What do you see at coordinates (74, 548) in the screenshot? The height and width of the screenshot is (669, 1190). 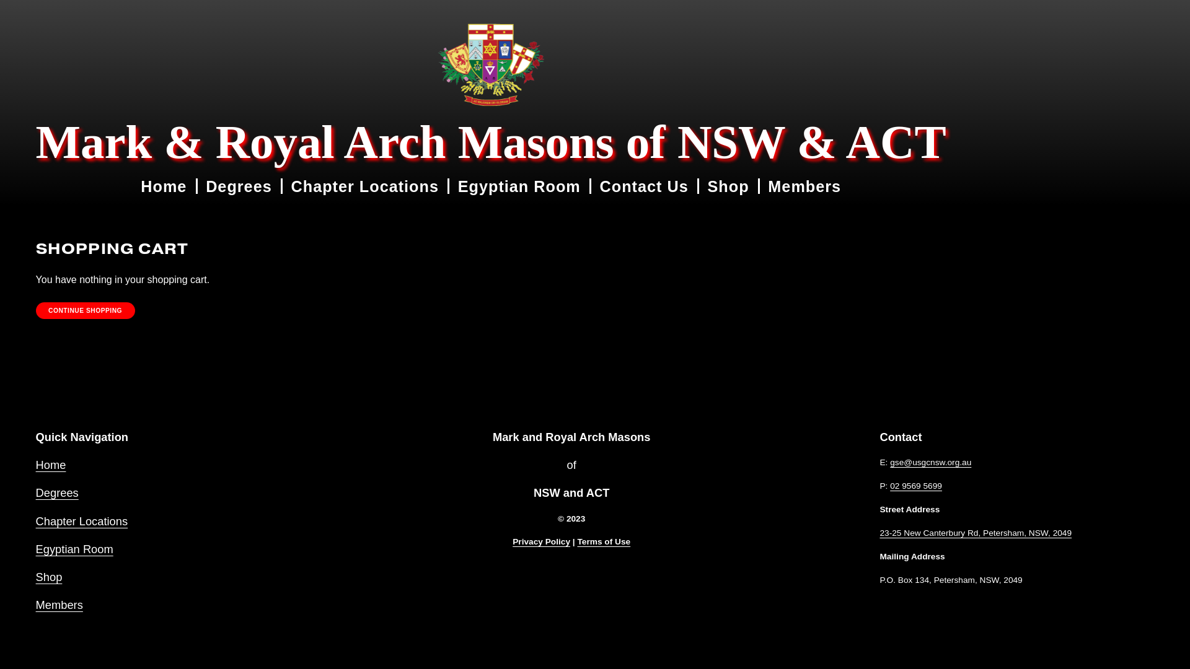 I see `'Egyptian Room'` at bounding box center [74, 548].